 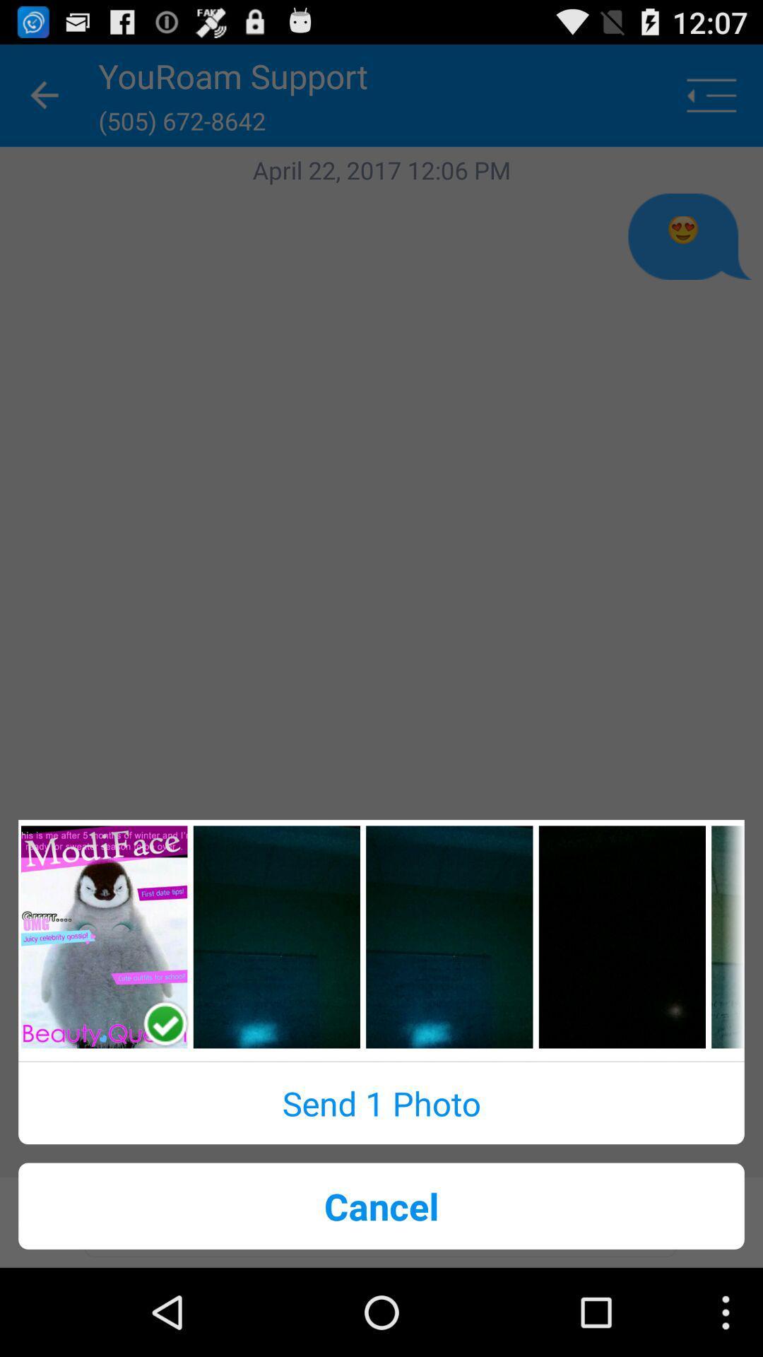 What do you see at coordinates (103, 936) in the screenshot?
I see `photo` at bounding box center [103, 936].